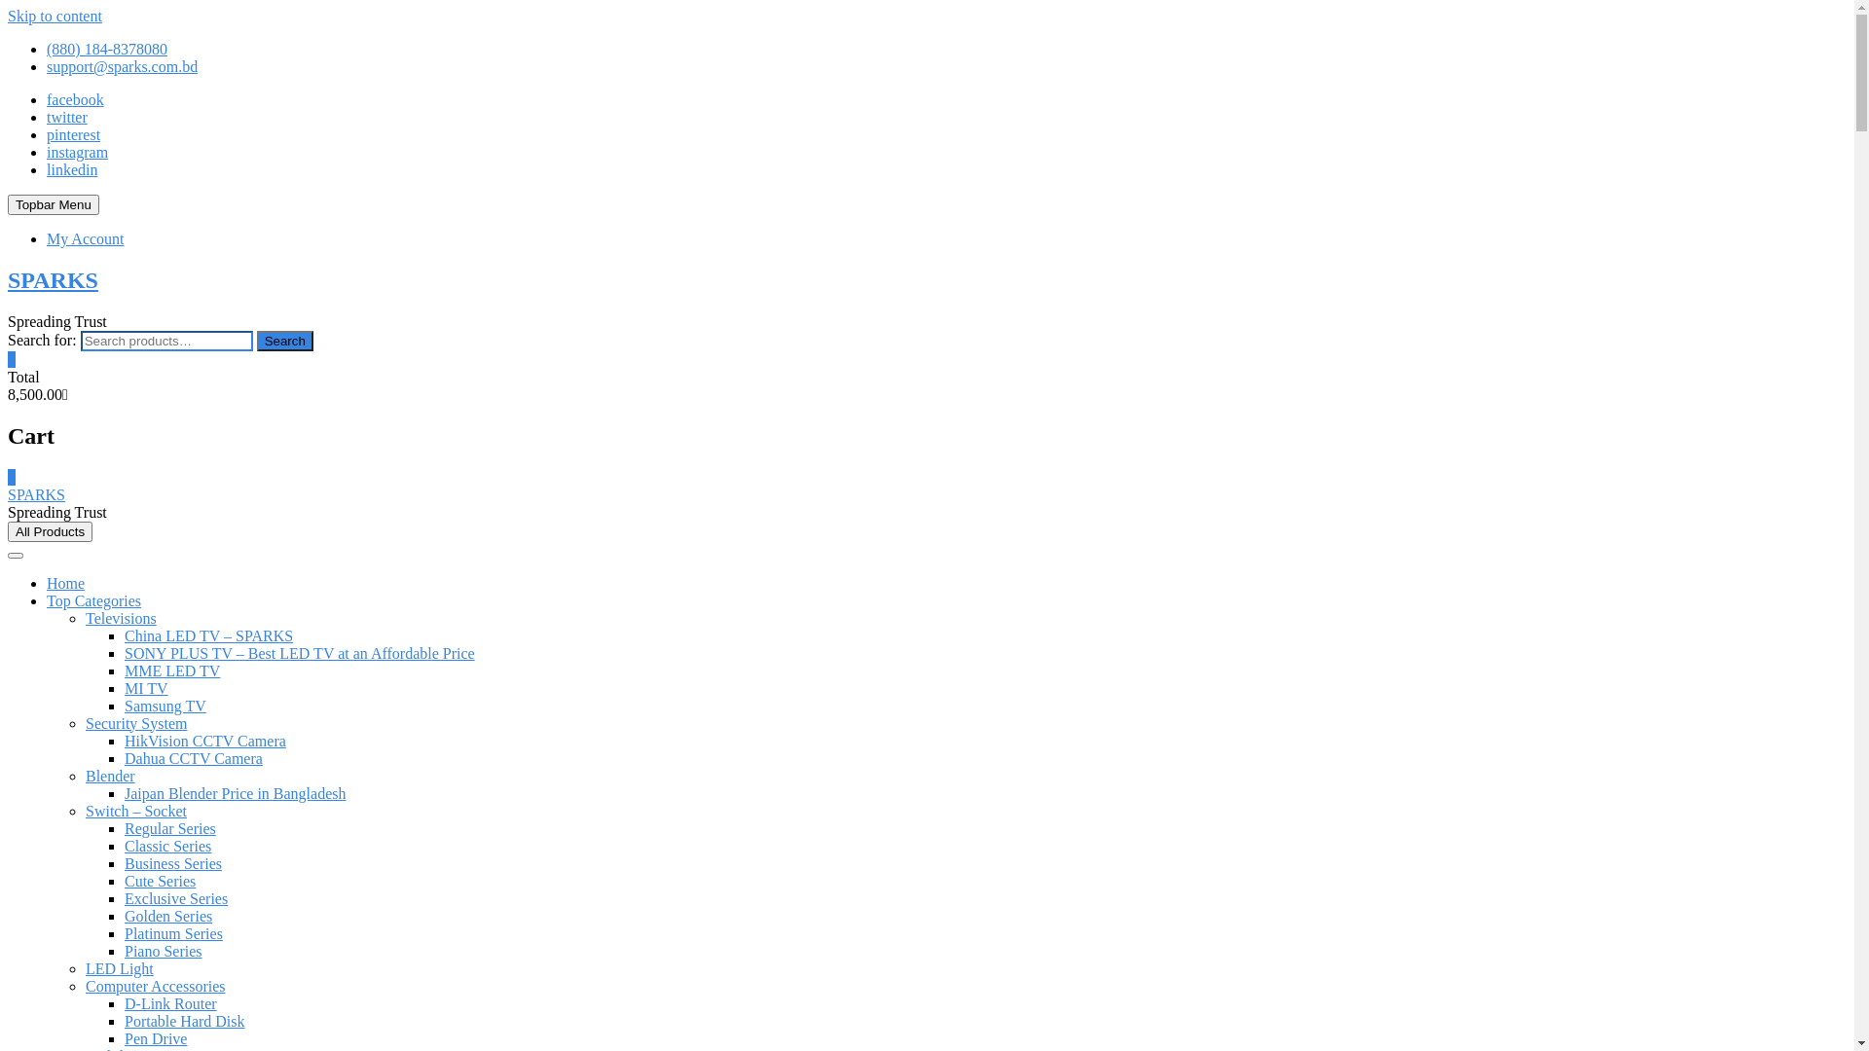 This screenshot has height=1051, width=1869. I want to click on 'All Products', so click(8, 531).